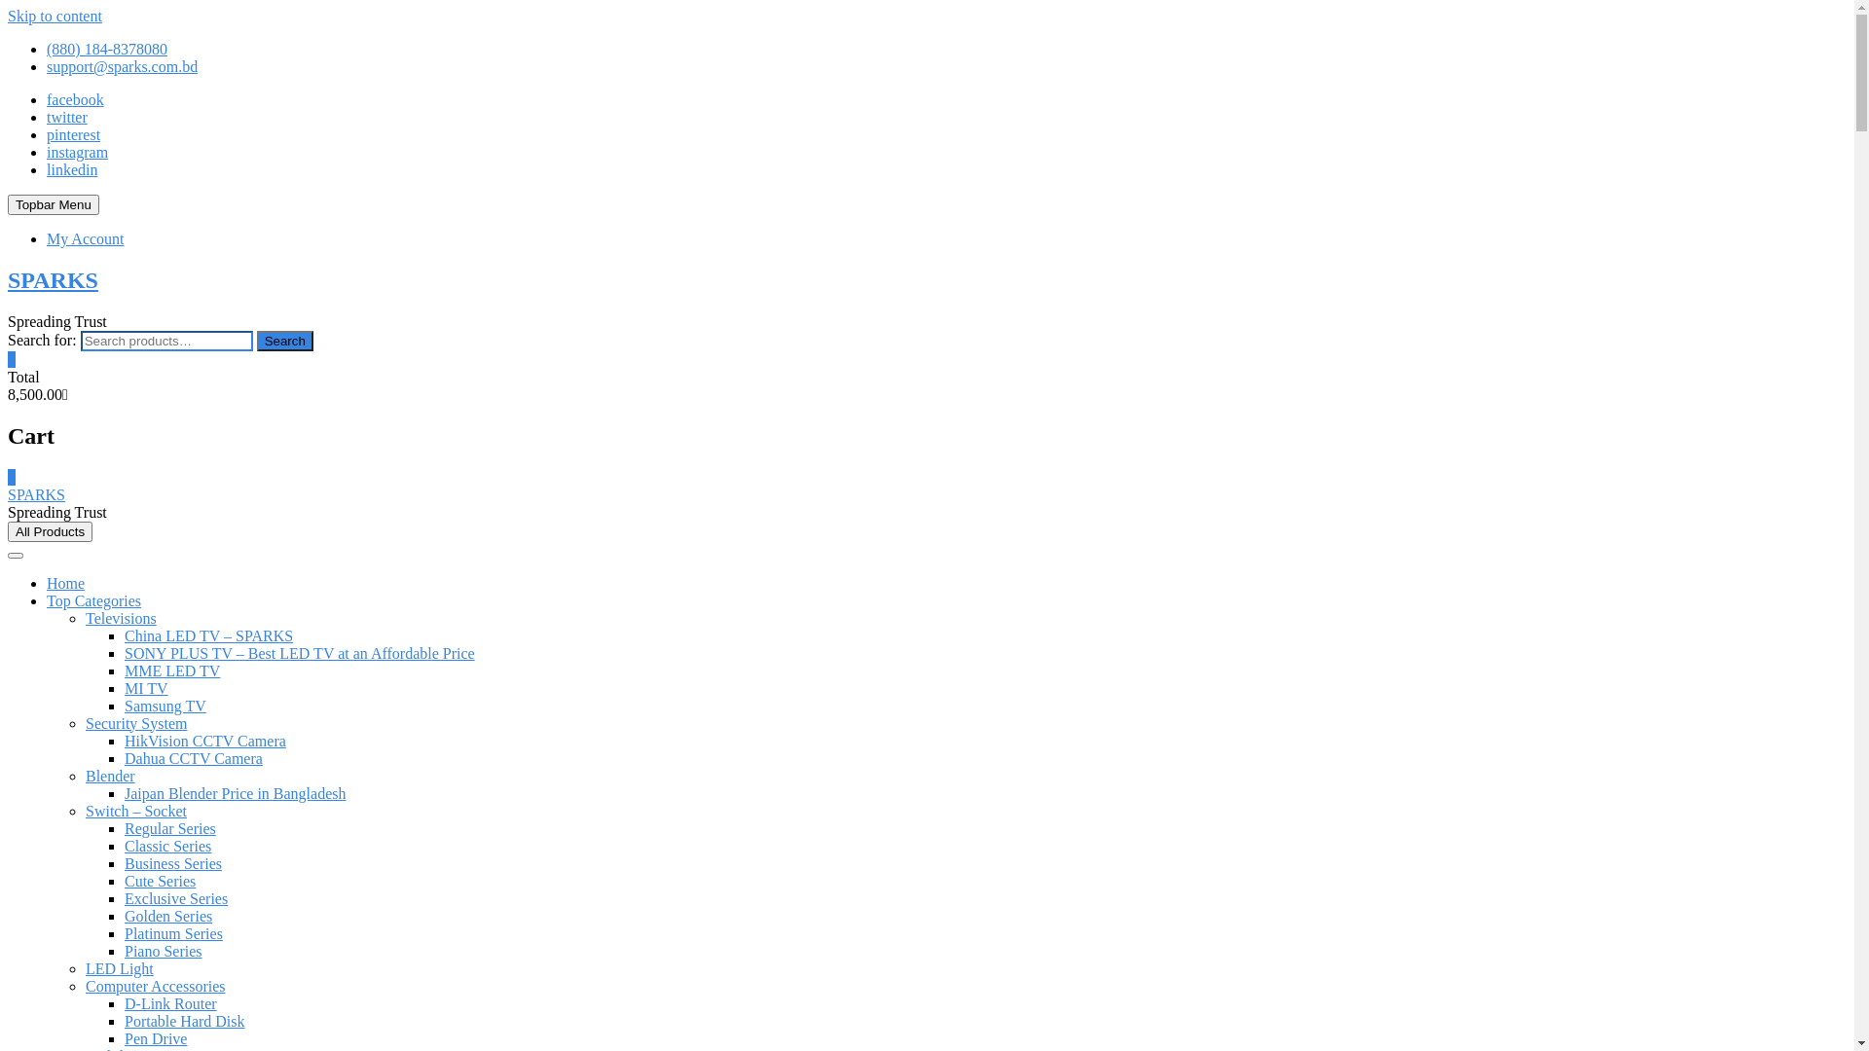 This screenshot has height=1051, width=1869. I want to click on 'All Products', so click(8, 531).